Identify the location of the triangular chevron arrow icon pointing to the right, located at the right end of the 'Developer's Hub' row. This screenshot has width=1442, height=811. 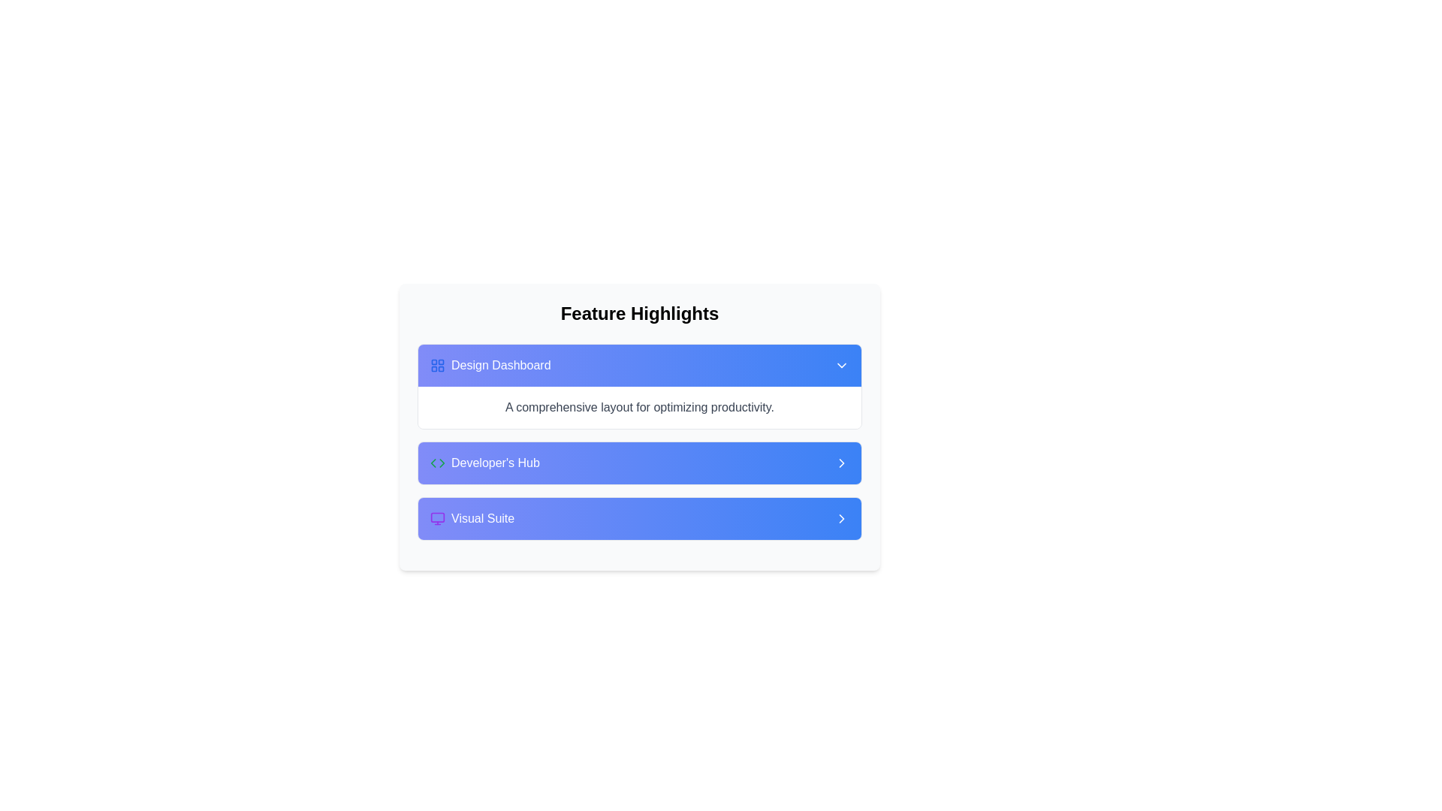
(842, 463).